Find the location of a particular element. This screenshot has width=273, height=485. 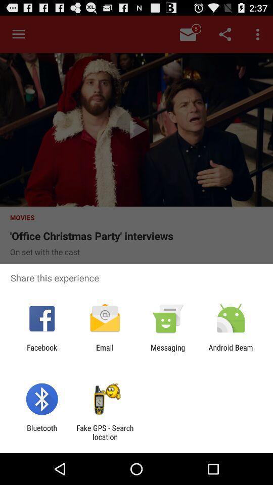

the android beam at the bottom right corner is located at coordinates (231, 352).